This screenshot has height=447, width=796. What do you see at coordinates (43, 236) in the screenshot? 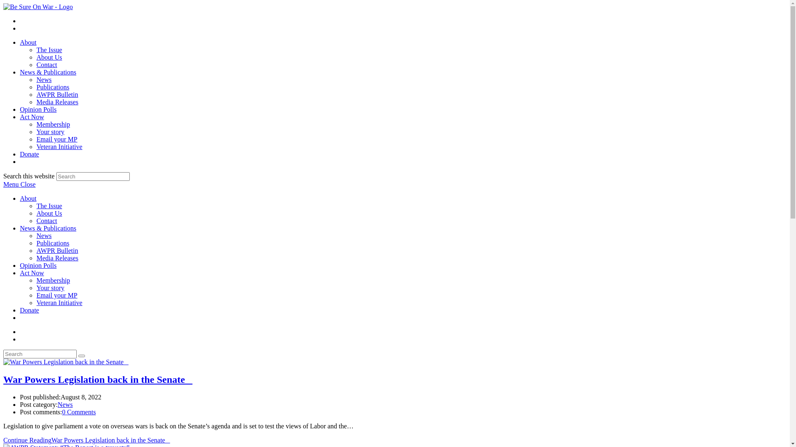
I see `'News'` at bounding box center [43, 236].